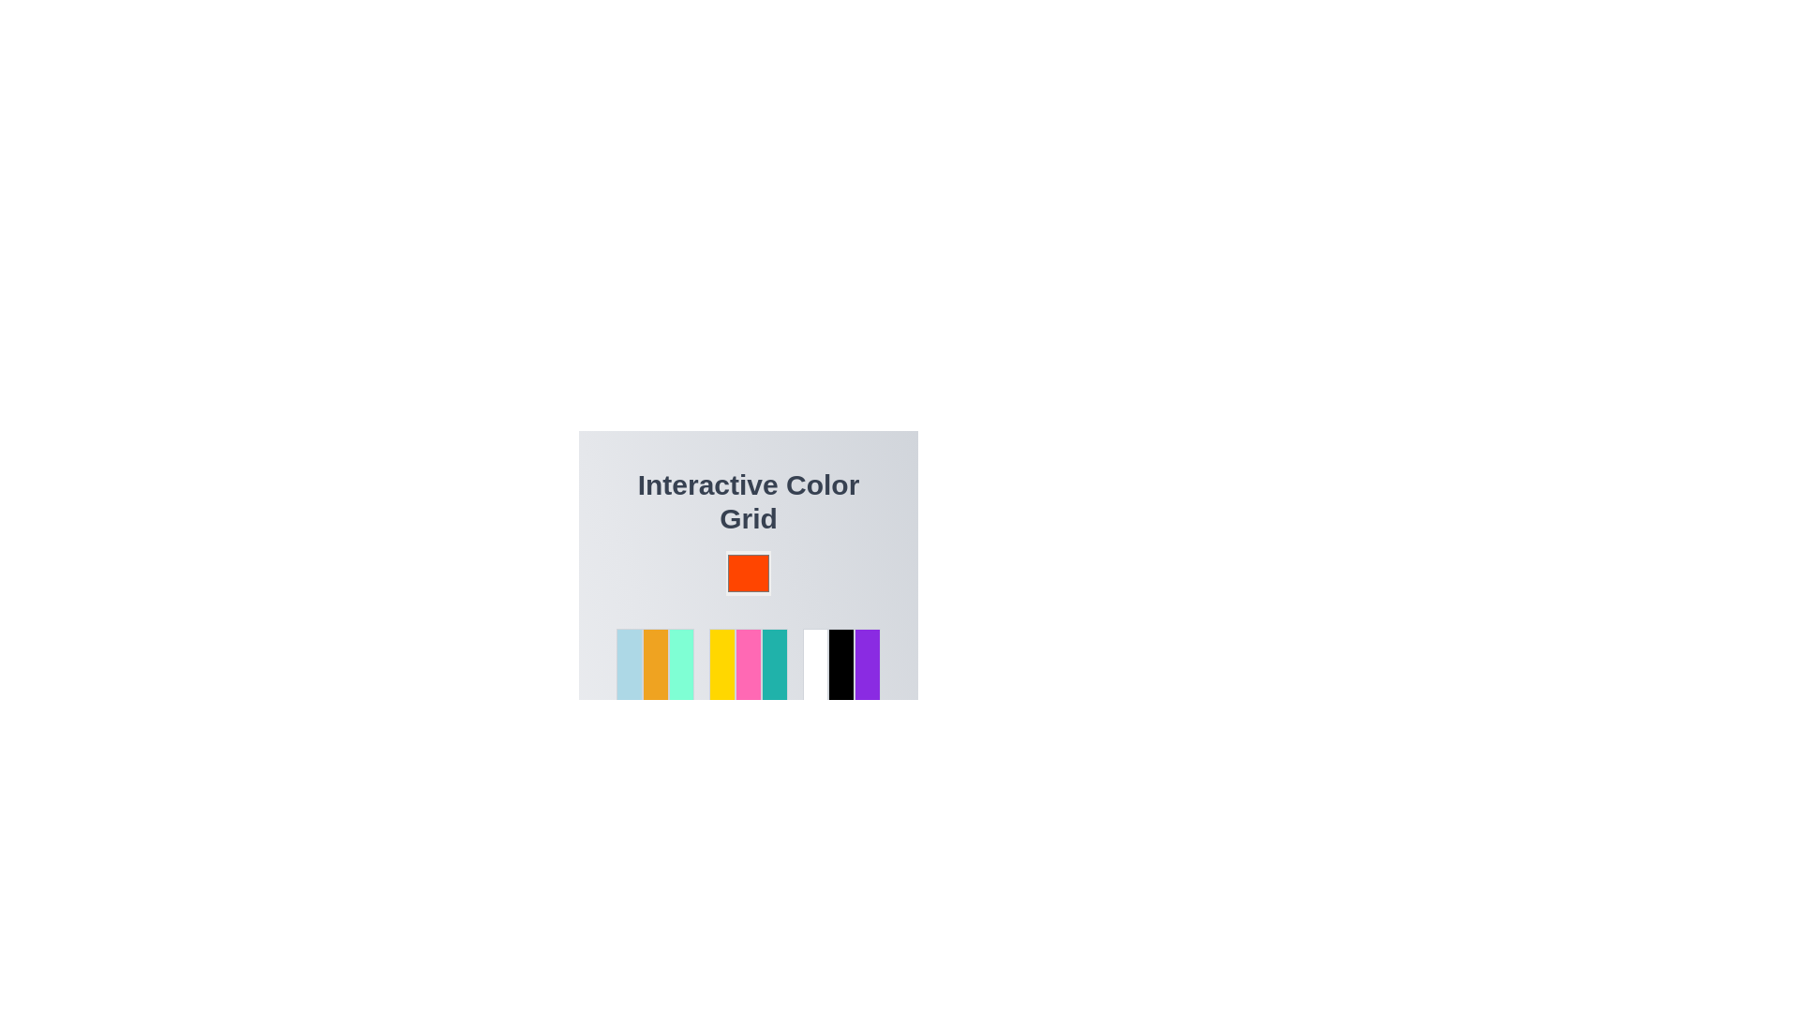  I want to click on the third and rightmost square tile with a purple background, so click(867, 664).